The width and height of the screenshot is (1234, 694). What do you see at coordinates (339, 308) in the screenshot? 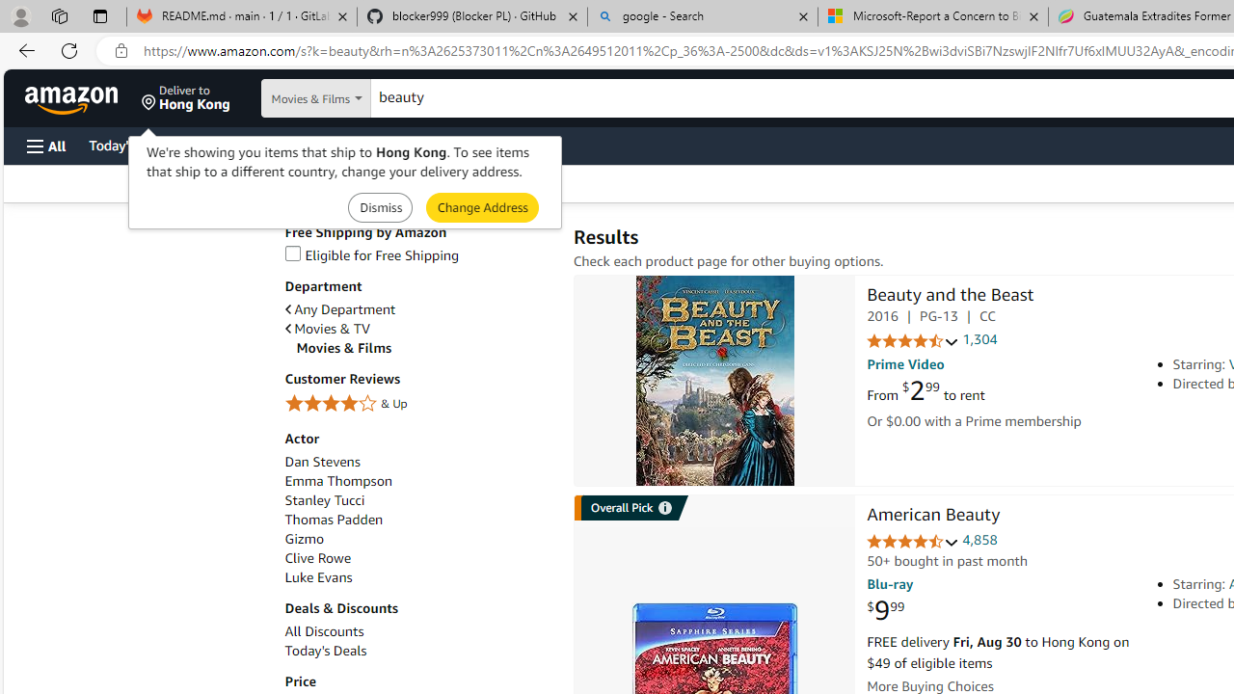
I see `'Any Department'` at bounding box center [339, 308].